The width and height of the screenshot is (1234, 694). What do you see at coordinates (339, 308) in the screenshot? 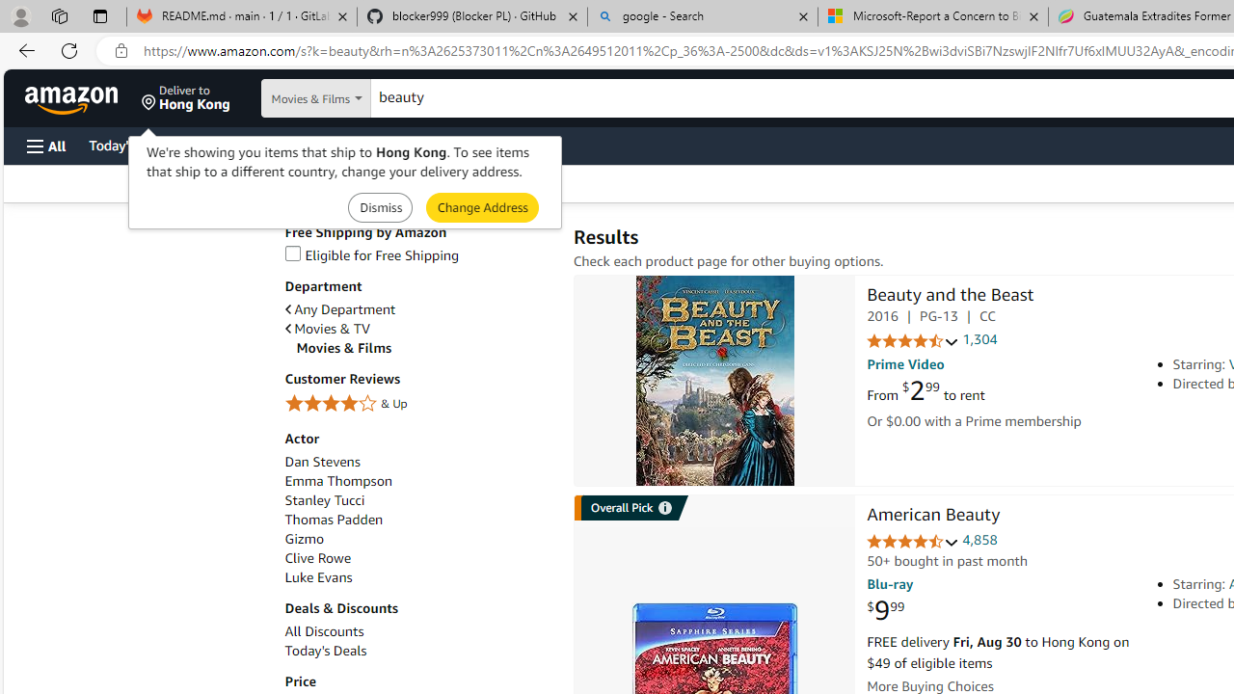
I see `'Any Department'` at bounding box center [339, 308].